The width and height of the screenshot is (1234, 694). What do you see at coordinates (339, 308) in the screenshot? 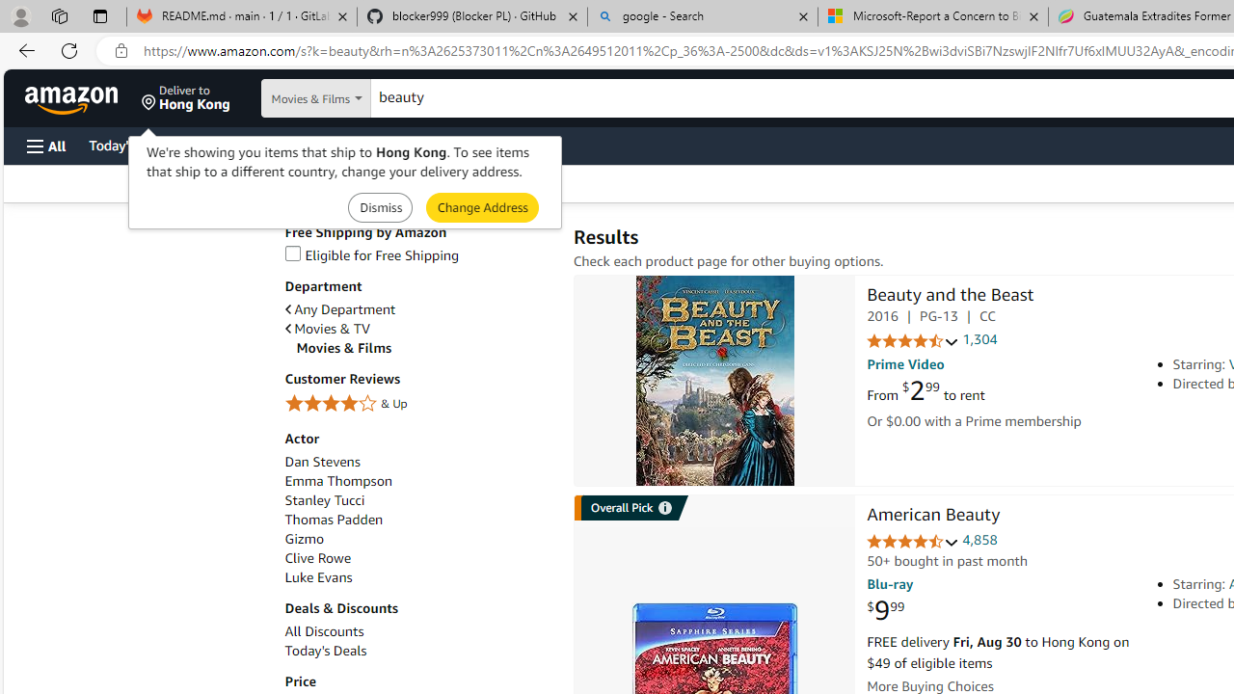
I see `'Any Department'` at bounding box center [339, 308].